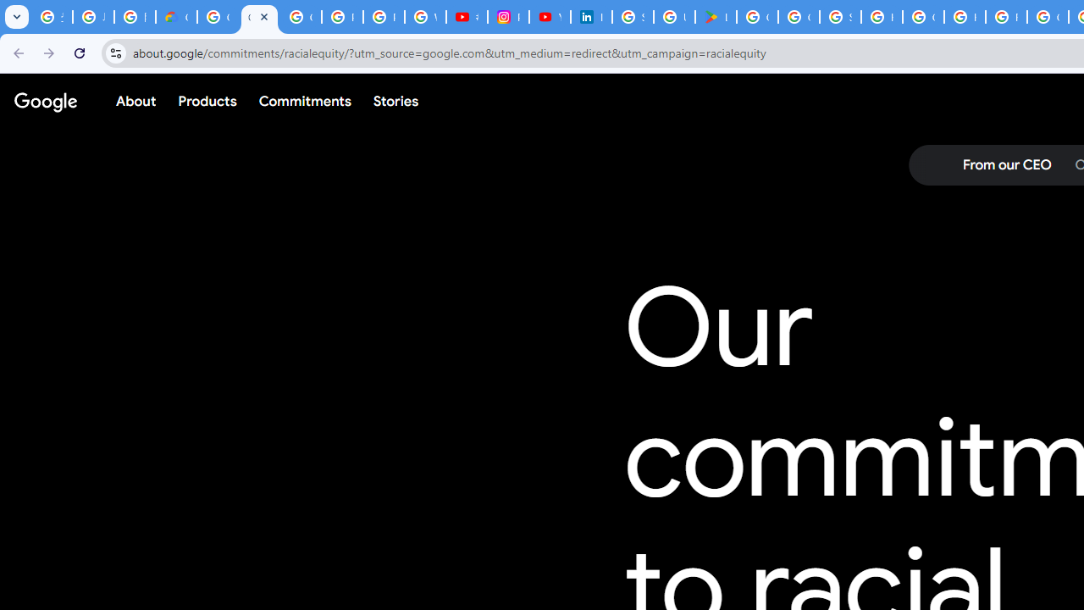 The width and height of the screenshot is (1084, 610). Describe the element at coordinates (136, 101) in the screenshot. I see `'About'` at that location.